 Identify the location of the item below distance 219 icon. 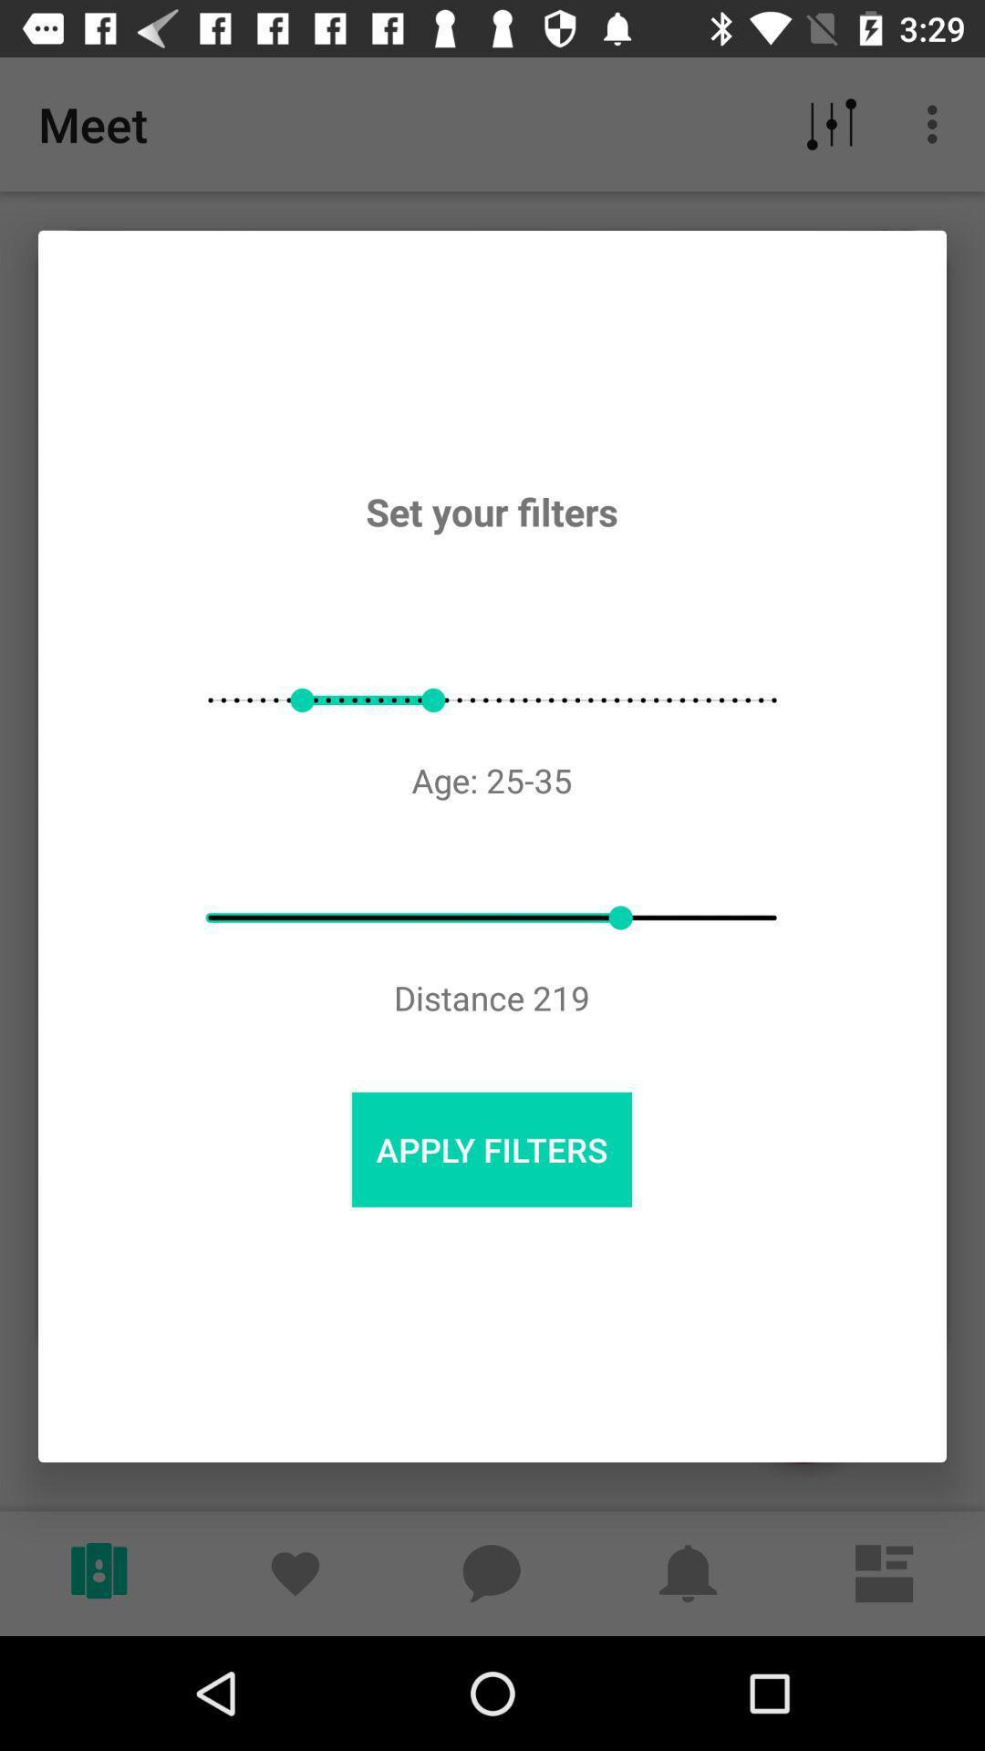
(491, 1148).